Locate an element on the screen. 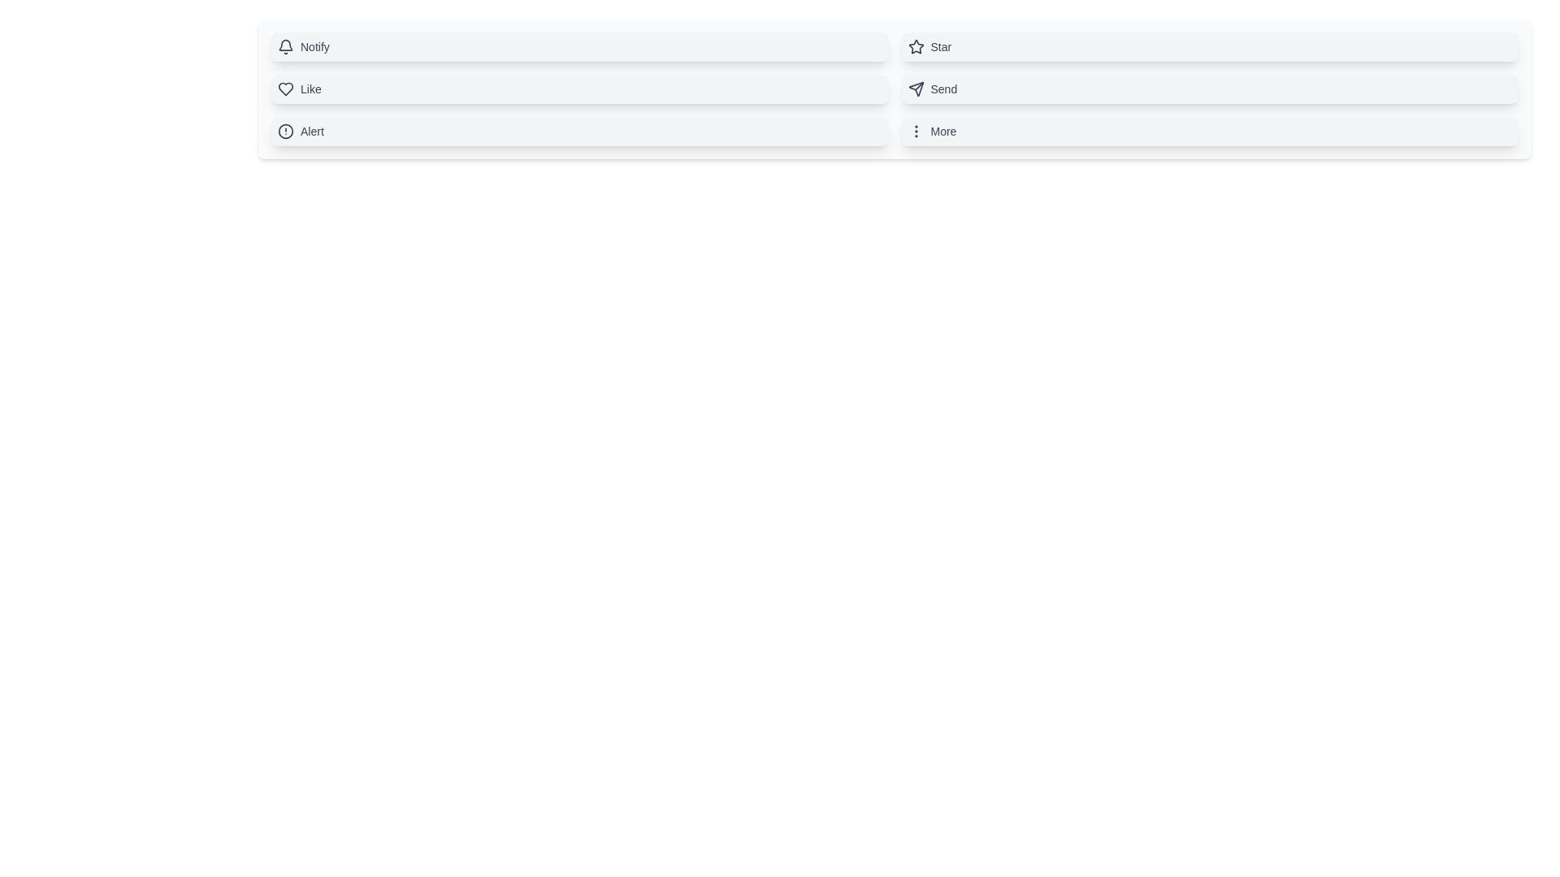  the appearance of the send button icon, which is visually indicated on the right side of the 'Send' button is located at coordinates (916, 89).